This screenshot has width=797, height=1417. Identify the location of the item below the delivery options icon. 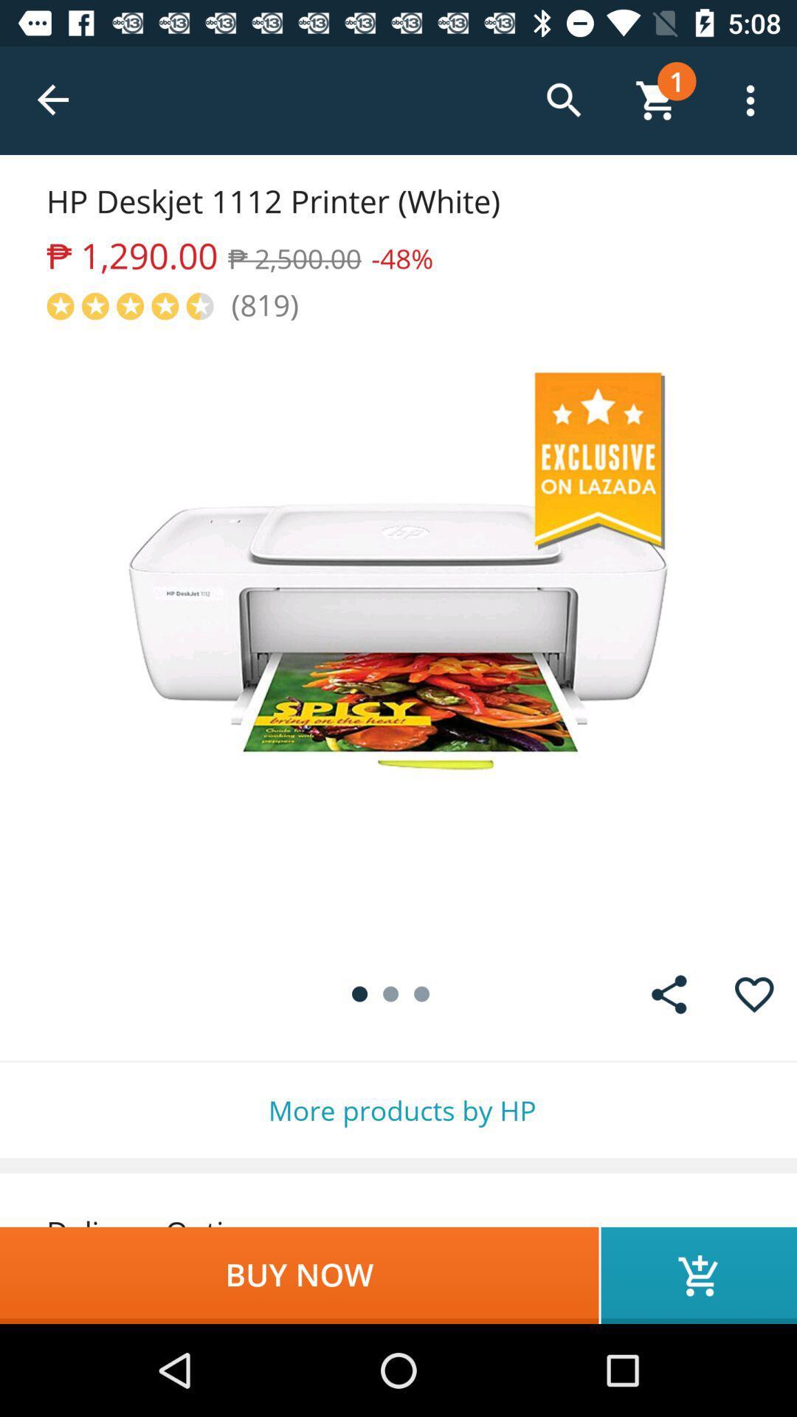
(299, 1275).